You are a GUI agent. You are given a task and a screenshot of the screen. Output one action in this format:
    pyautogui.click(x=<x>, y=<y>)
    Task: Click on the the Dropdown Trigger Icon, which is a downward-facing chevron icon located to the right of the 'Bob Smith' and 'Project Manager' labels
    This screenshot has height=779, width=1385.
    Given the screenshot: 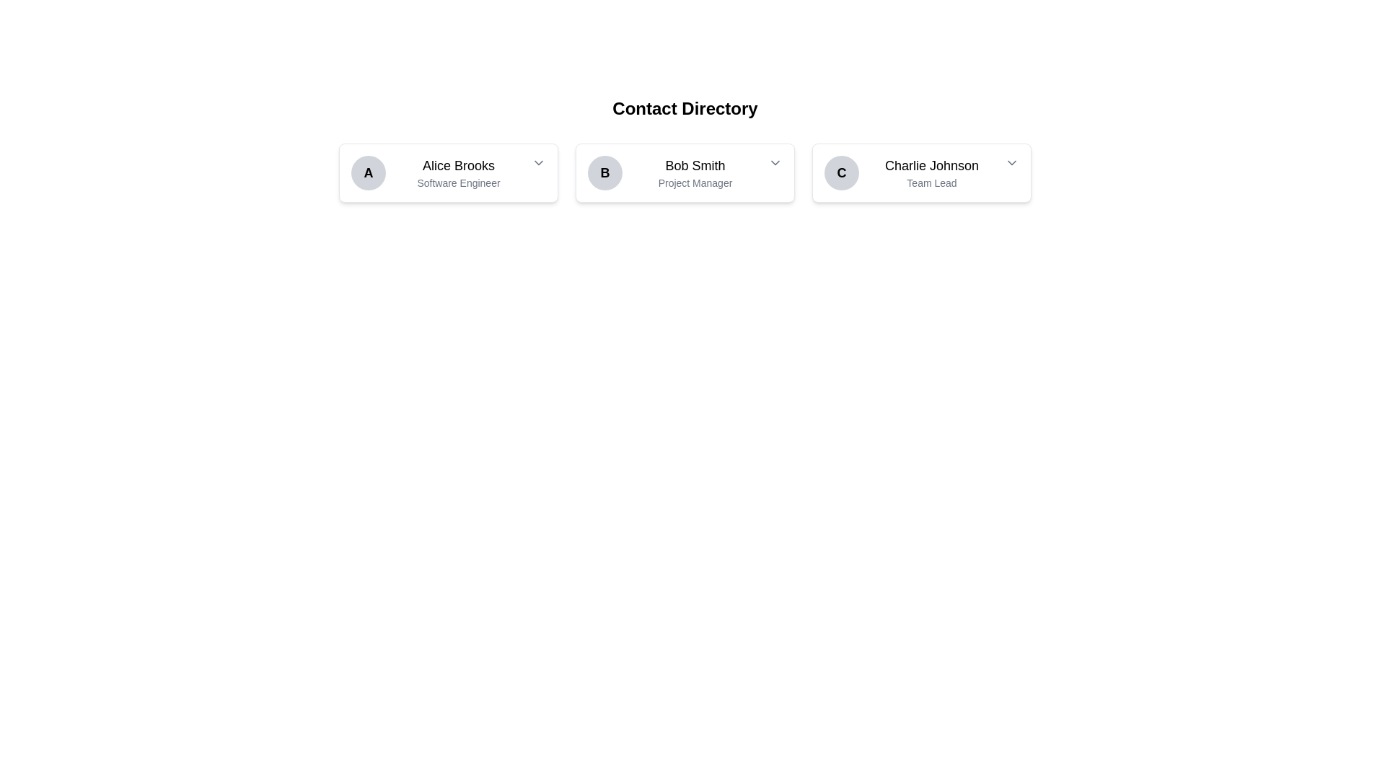 What is the action you would take?
    pyautogui.click(x=775, y=162)
    